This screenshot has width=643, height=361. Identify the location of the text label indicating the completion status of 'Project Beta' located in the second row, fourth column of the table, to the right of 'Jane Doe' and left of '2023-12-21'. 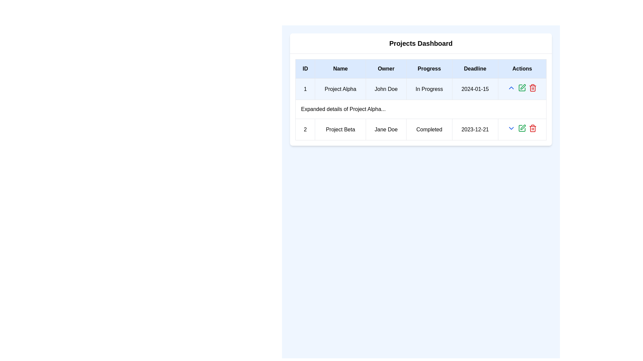
(429, 129).